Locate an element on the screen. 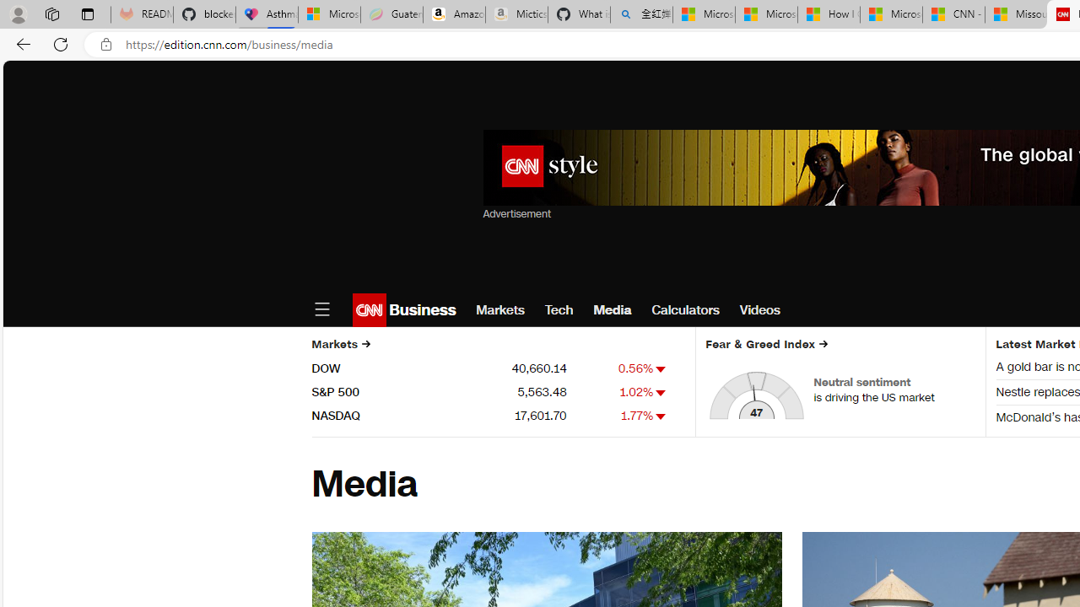 The image size is (1080, 607). 'AutomationID: fear-and-greed-dial' is located at coordinates (755, 395).